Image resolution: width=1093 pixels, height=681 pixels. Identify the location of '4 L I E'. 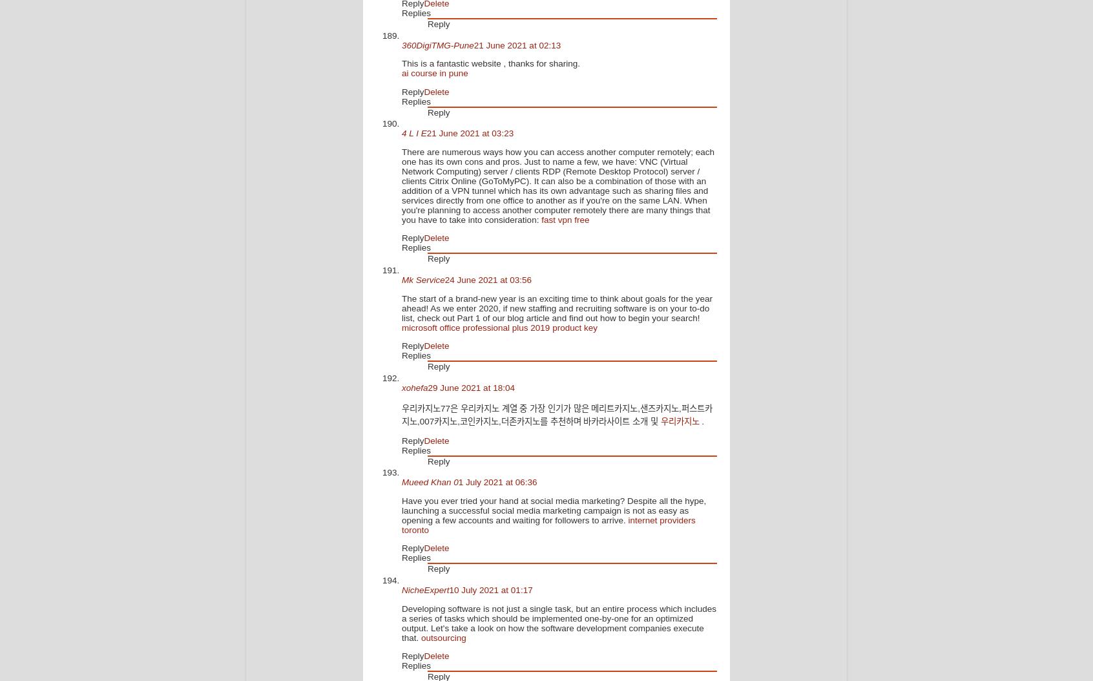
(401, 132).